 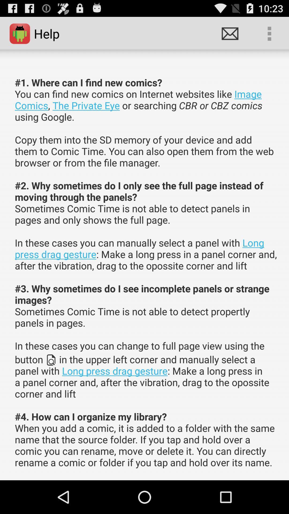 What do you see at coordinates (230, 33) in the screenshot?
I see `app next to help item` at bounding box center [230, 33].